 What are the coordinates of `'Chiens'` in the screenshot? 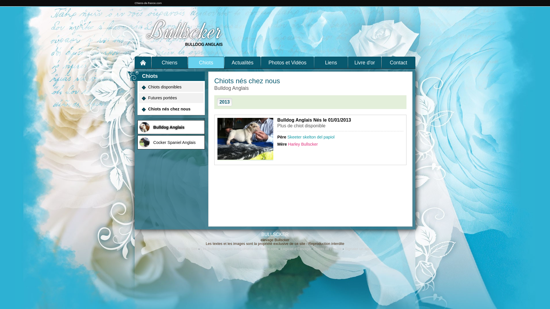 It's located at (169, 62).